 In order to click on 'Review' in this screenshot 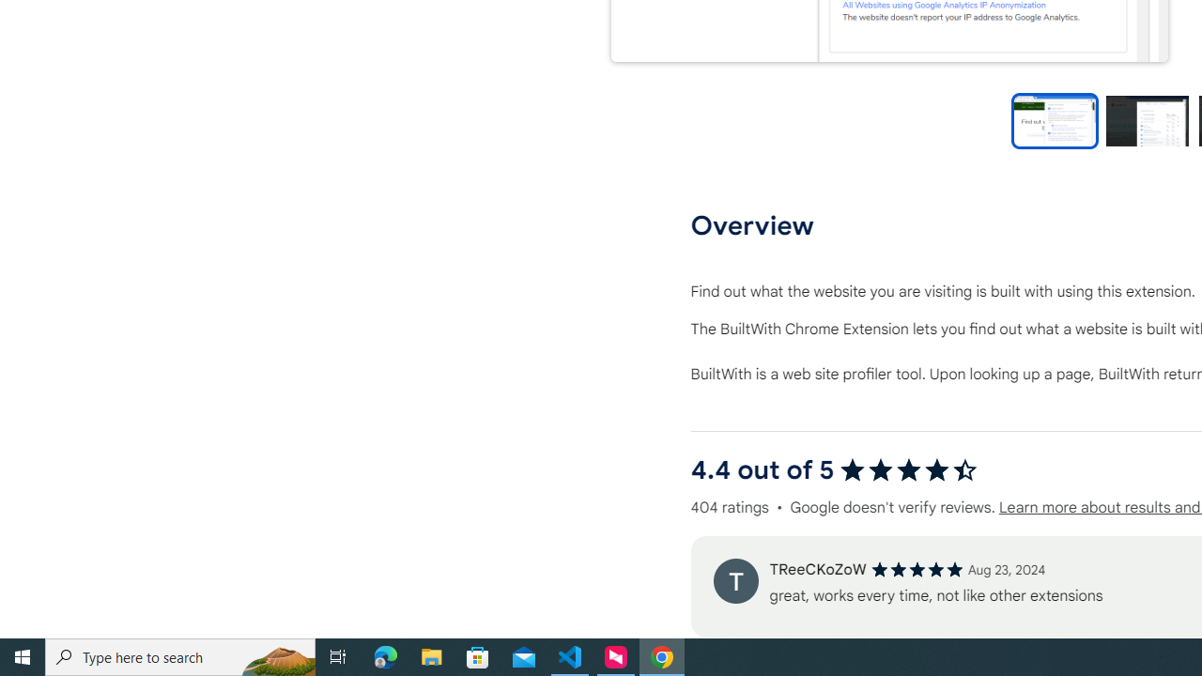, I will do `click(734, 579)`.